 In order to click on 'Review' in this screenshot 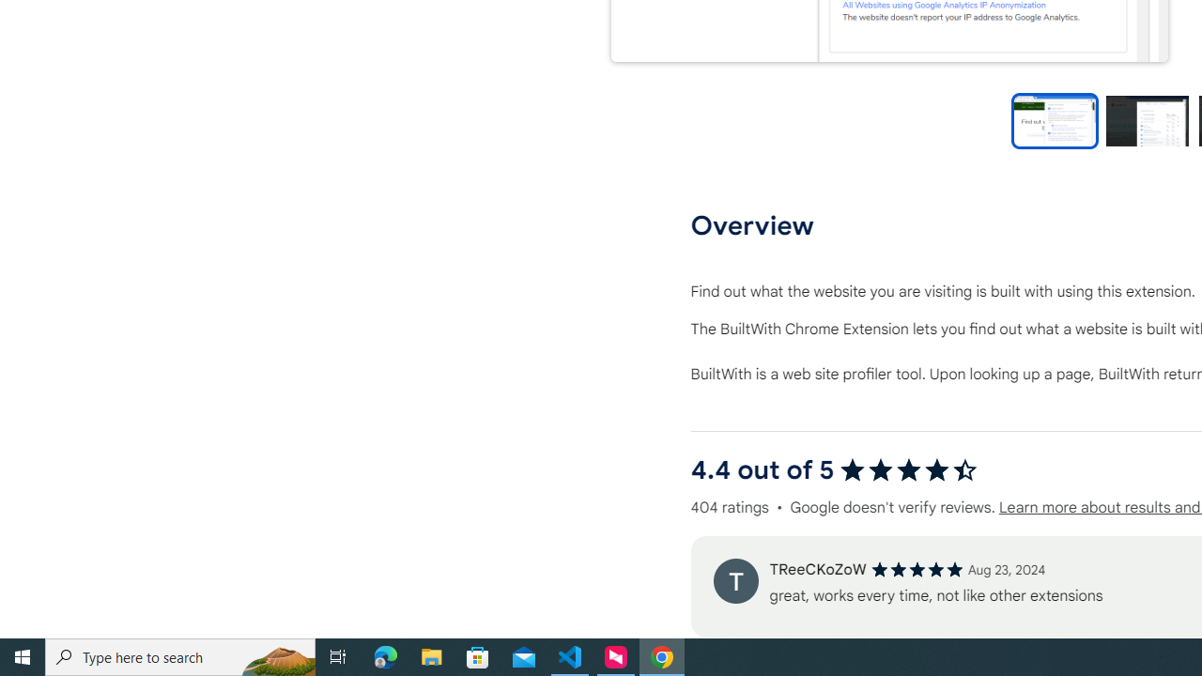, I will do `click(734, 579)`.